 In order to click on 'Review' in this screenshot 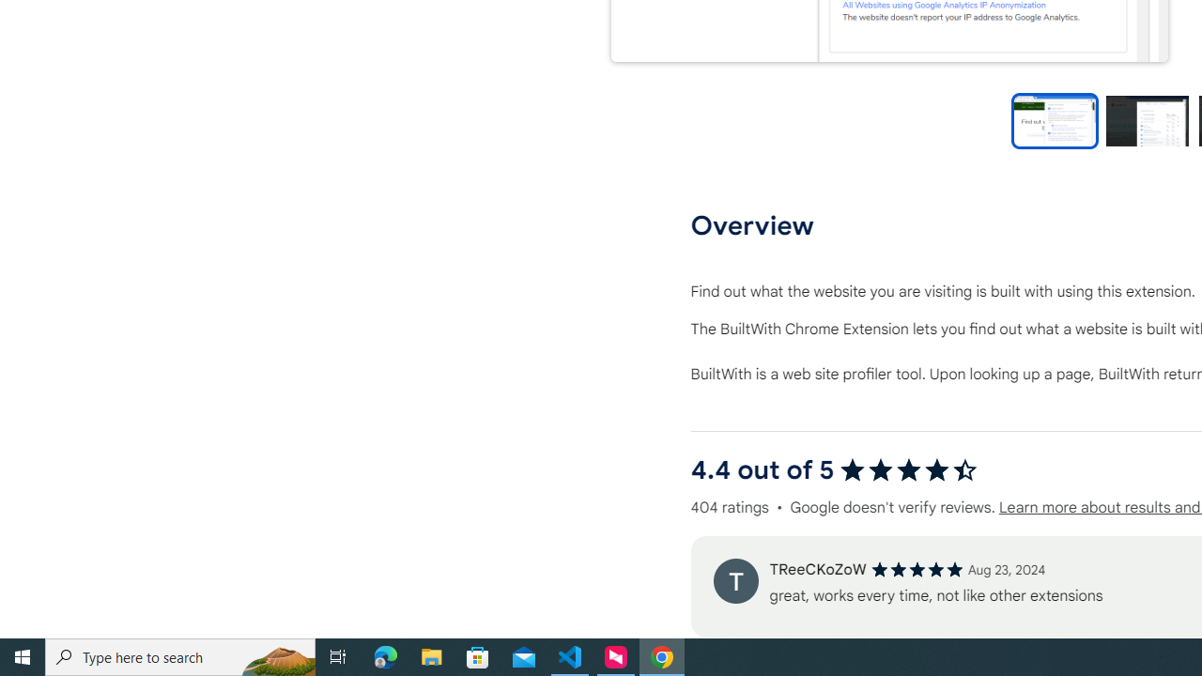, I will do `click(734, 579)`.